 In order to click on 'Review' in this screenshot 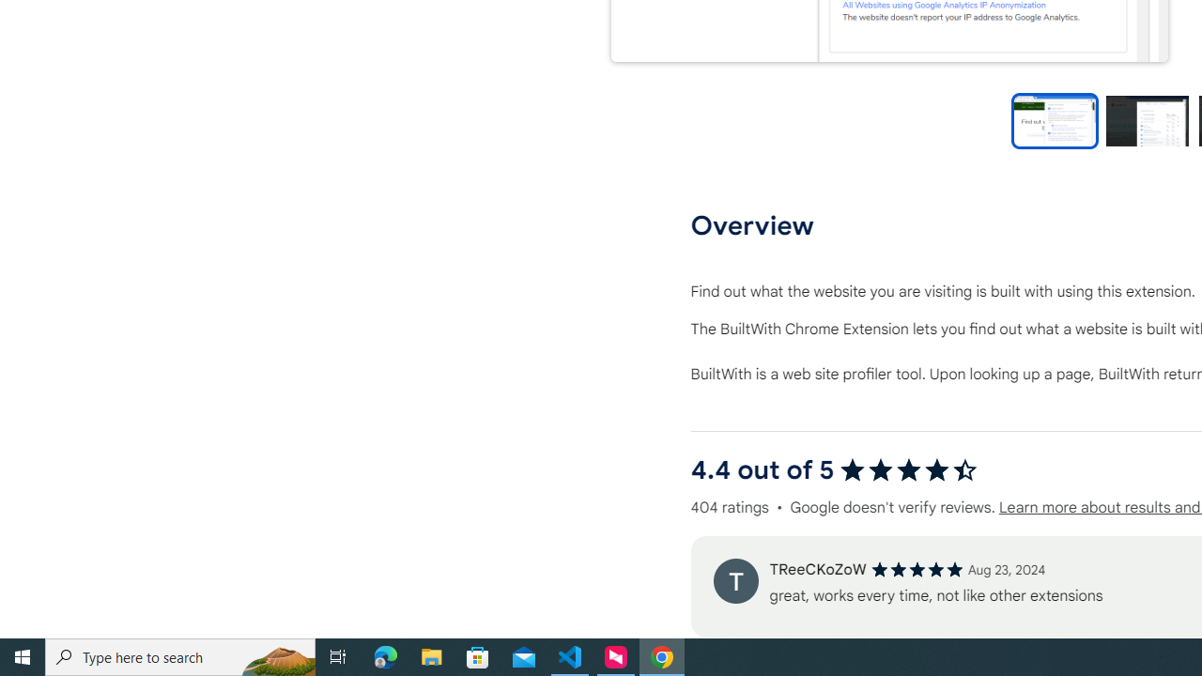, I will do `click(734, 579)`.